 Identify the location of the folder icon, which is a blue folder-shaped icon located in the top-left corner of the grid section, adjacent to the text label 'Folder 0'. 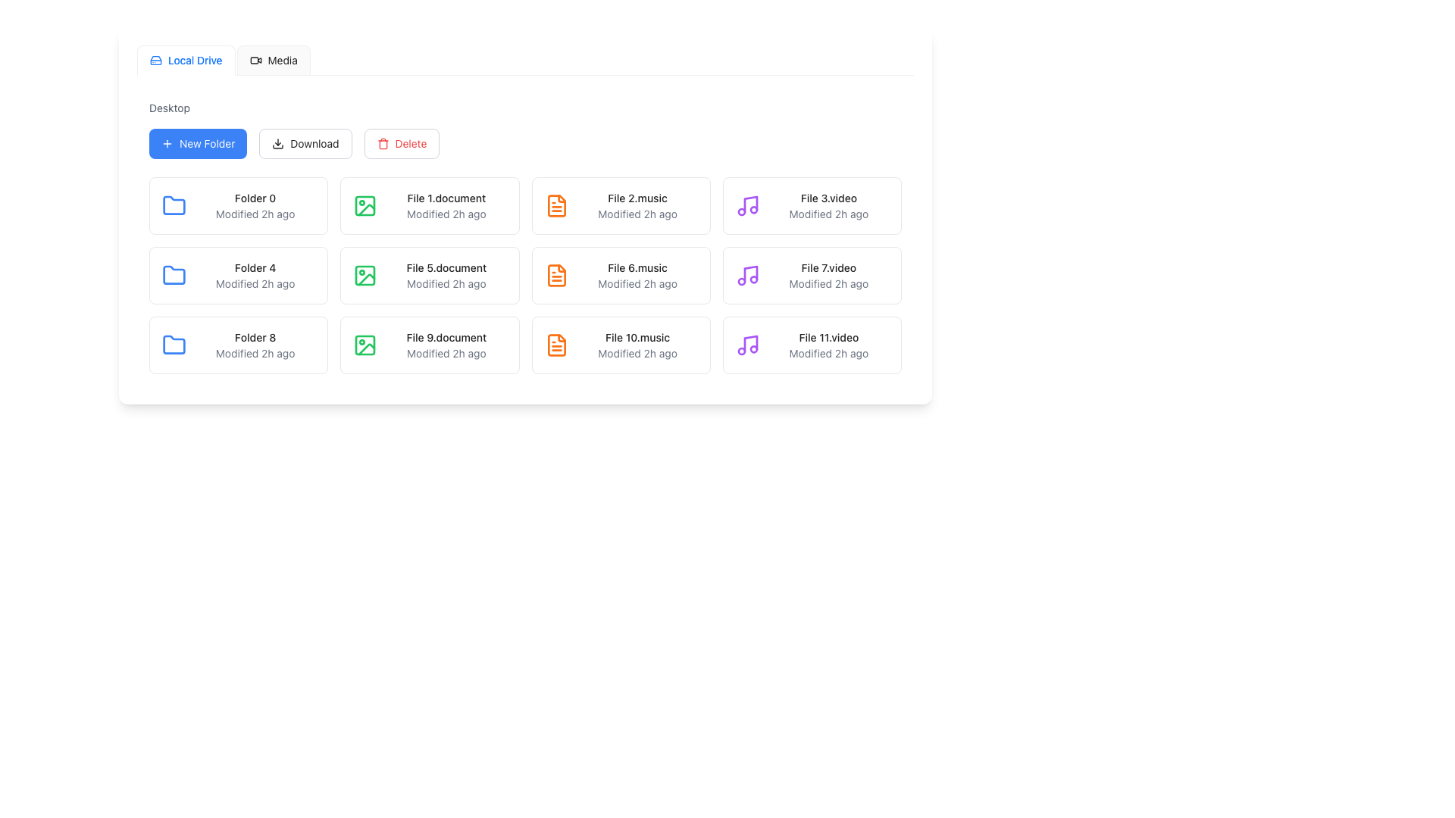
(174, 204).